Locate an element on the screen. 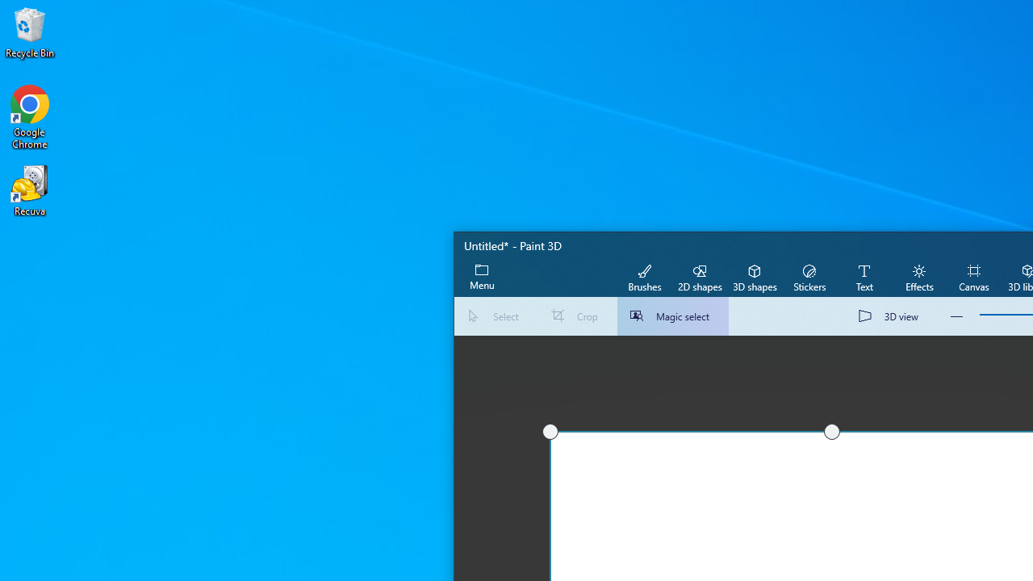 The image size is (1033, 581). 'Crop' is located at coordinates (578, 316).